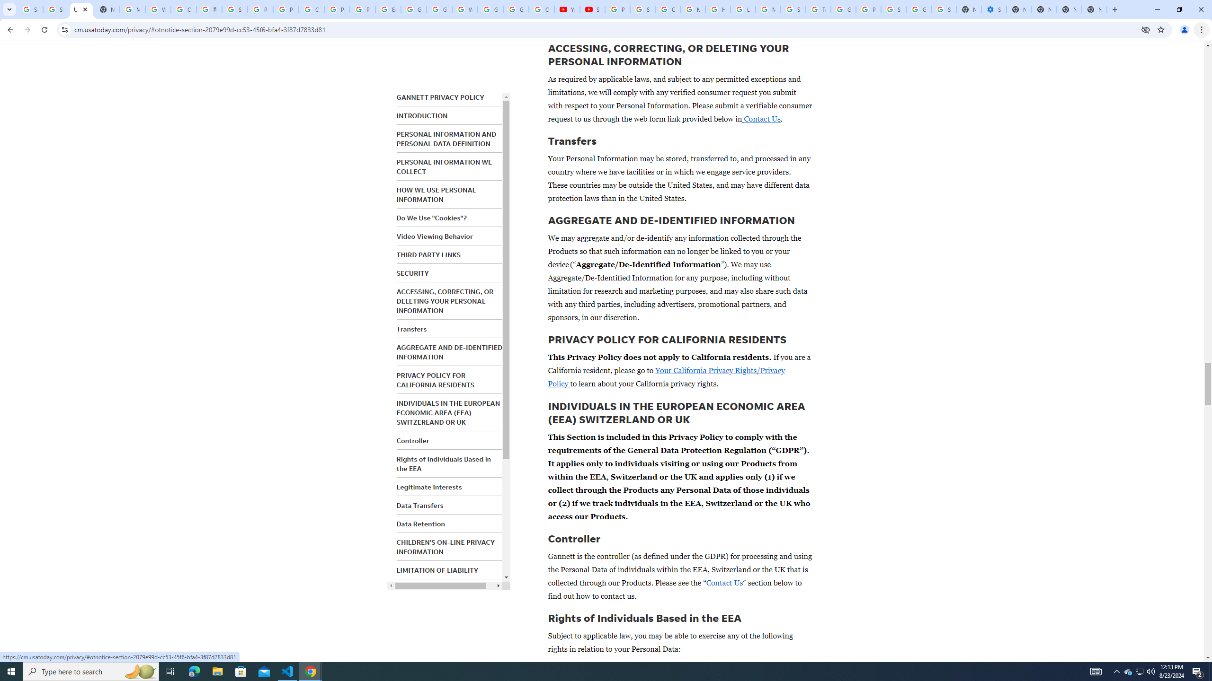  Describe the element at coordinates (1094, 9) in the screenshot. I see `'New Tab'` at that location.